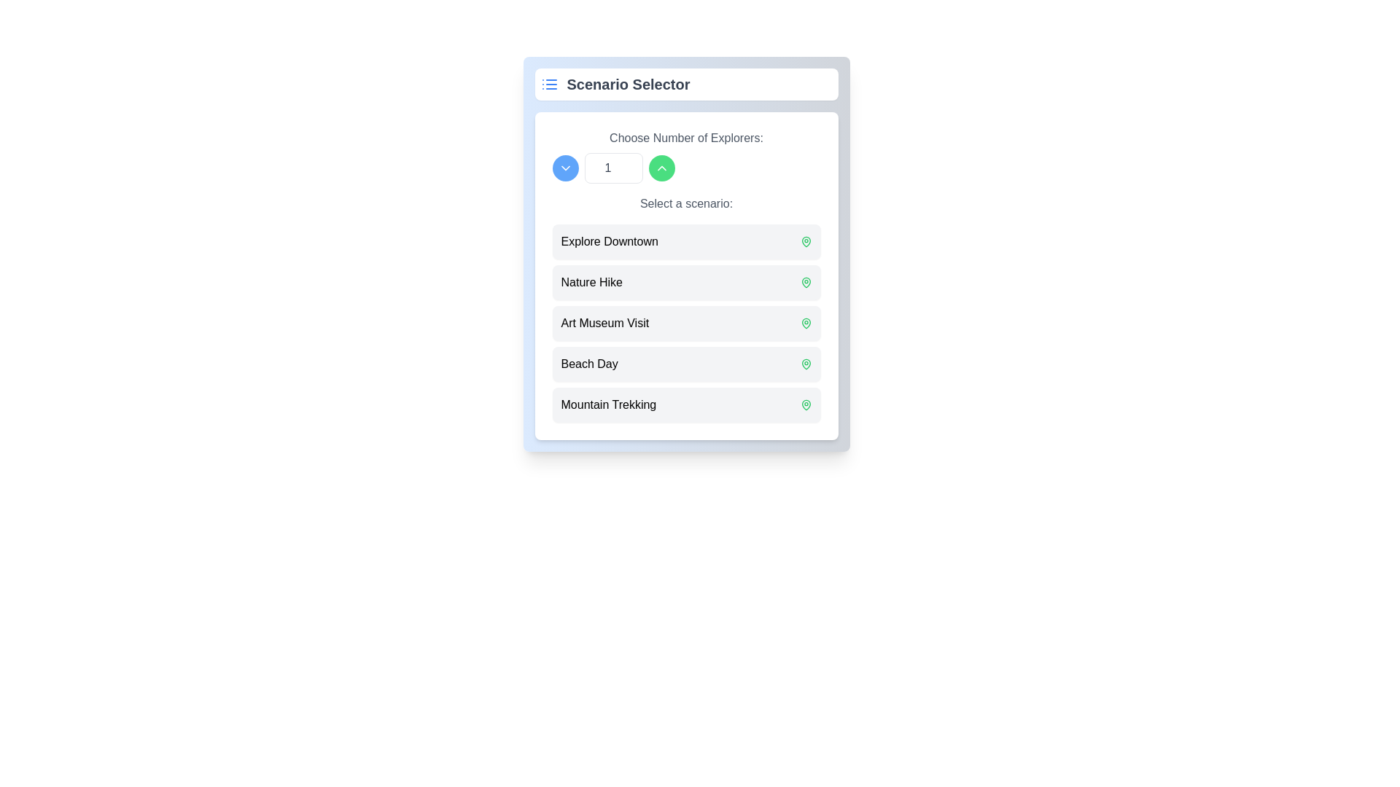 The height and width of the screenshot is (787, 1400). I want to click on the blue list icon located at the far left of the header row within the 'Scenario Selector' panel, so click(548, 84).